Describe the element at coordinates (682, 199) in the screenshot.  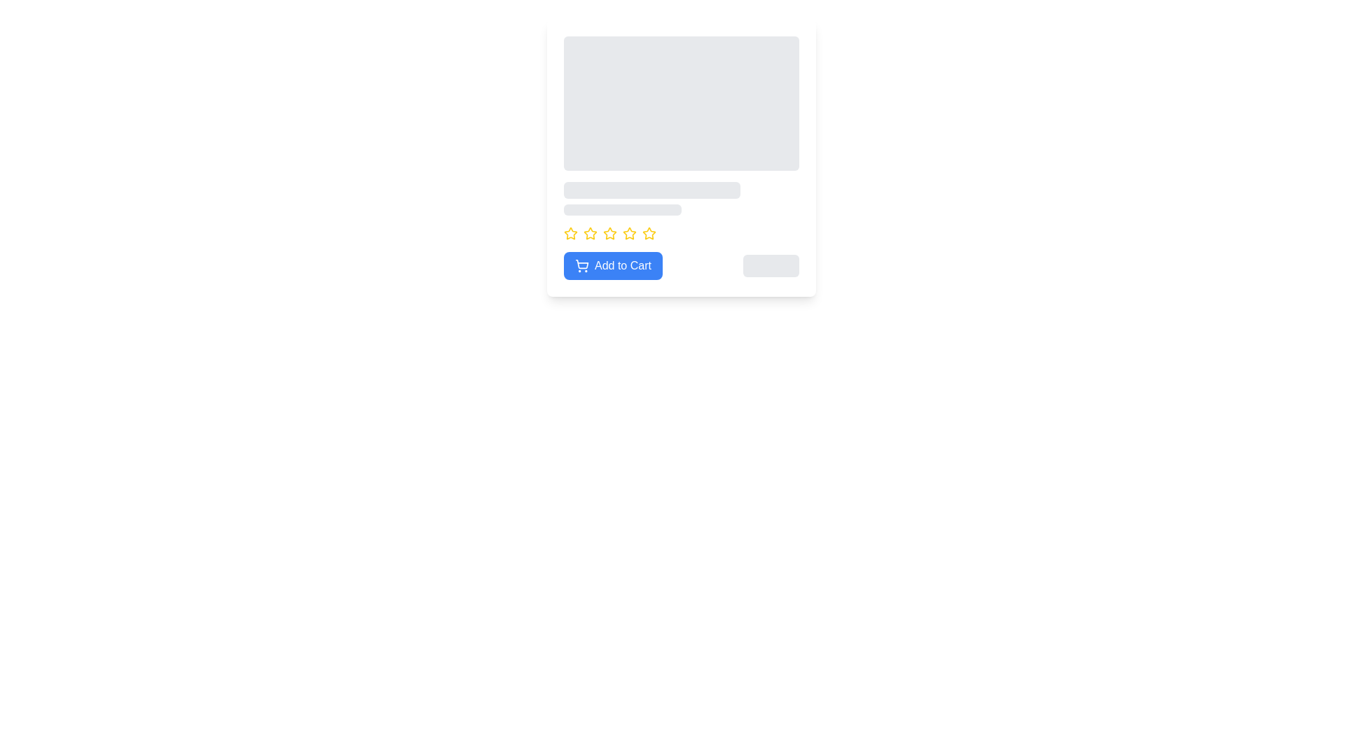
I see `the loading animation of the Content Placeholder, which consists of two horizontally aligned, rounded rectangles of light gray color, located directly below a large rectangular placeholder` at that location.